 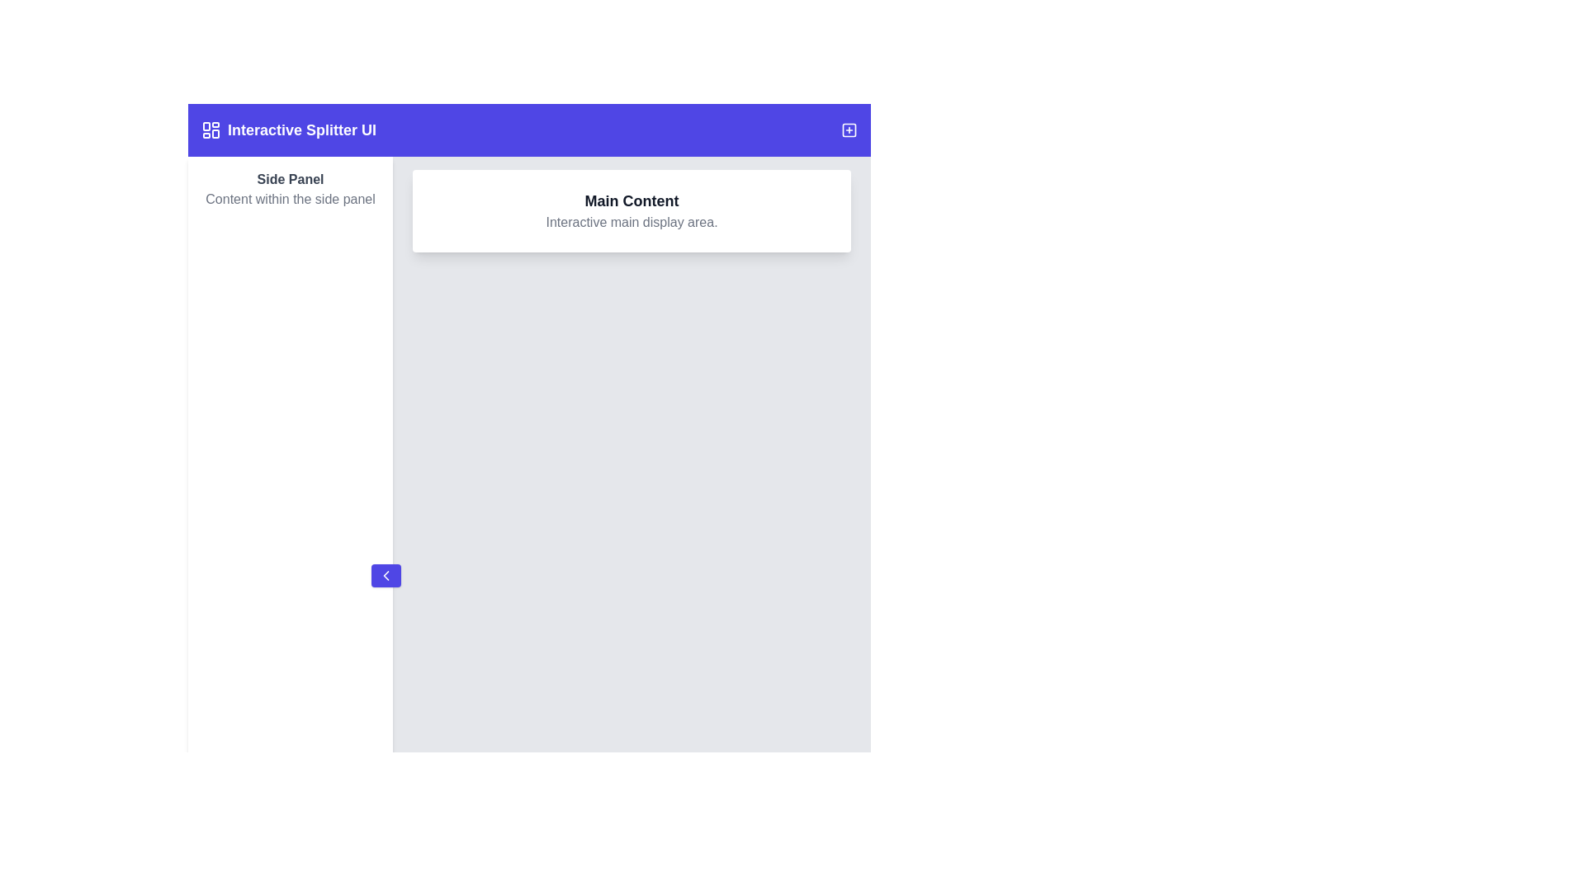 I want to click on the small rectangular Decorative Visual Element with rounded corners, located in the top-left corner of the grid layout within the application header bar, so click(x=206, y=125).